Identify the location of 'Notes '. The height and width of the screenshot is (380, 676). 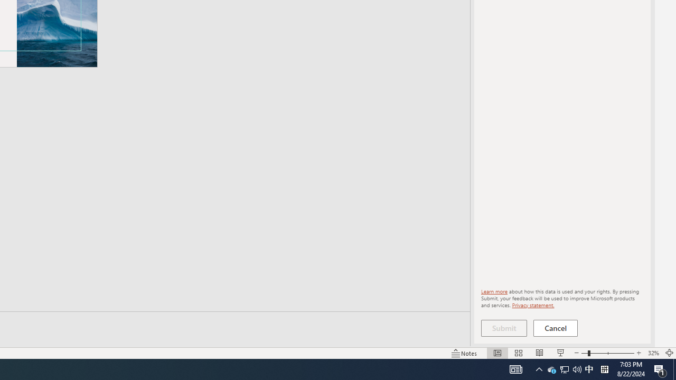
(464, 353).